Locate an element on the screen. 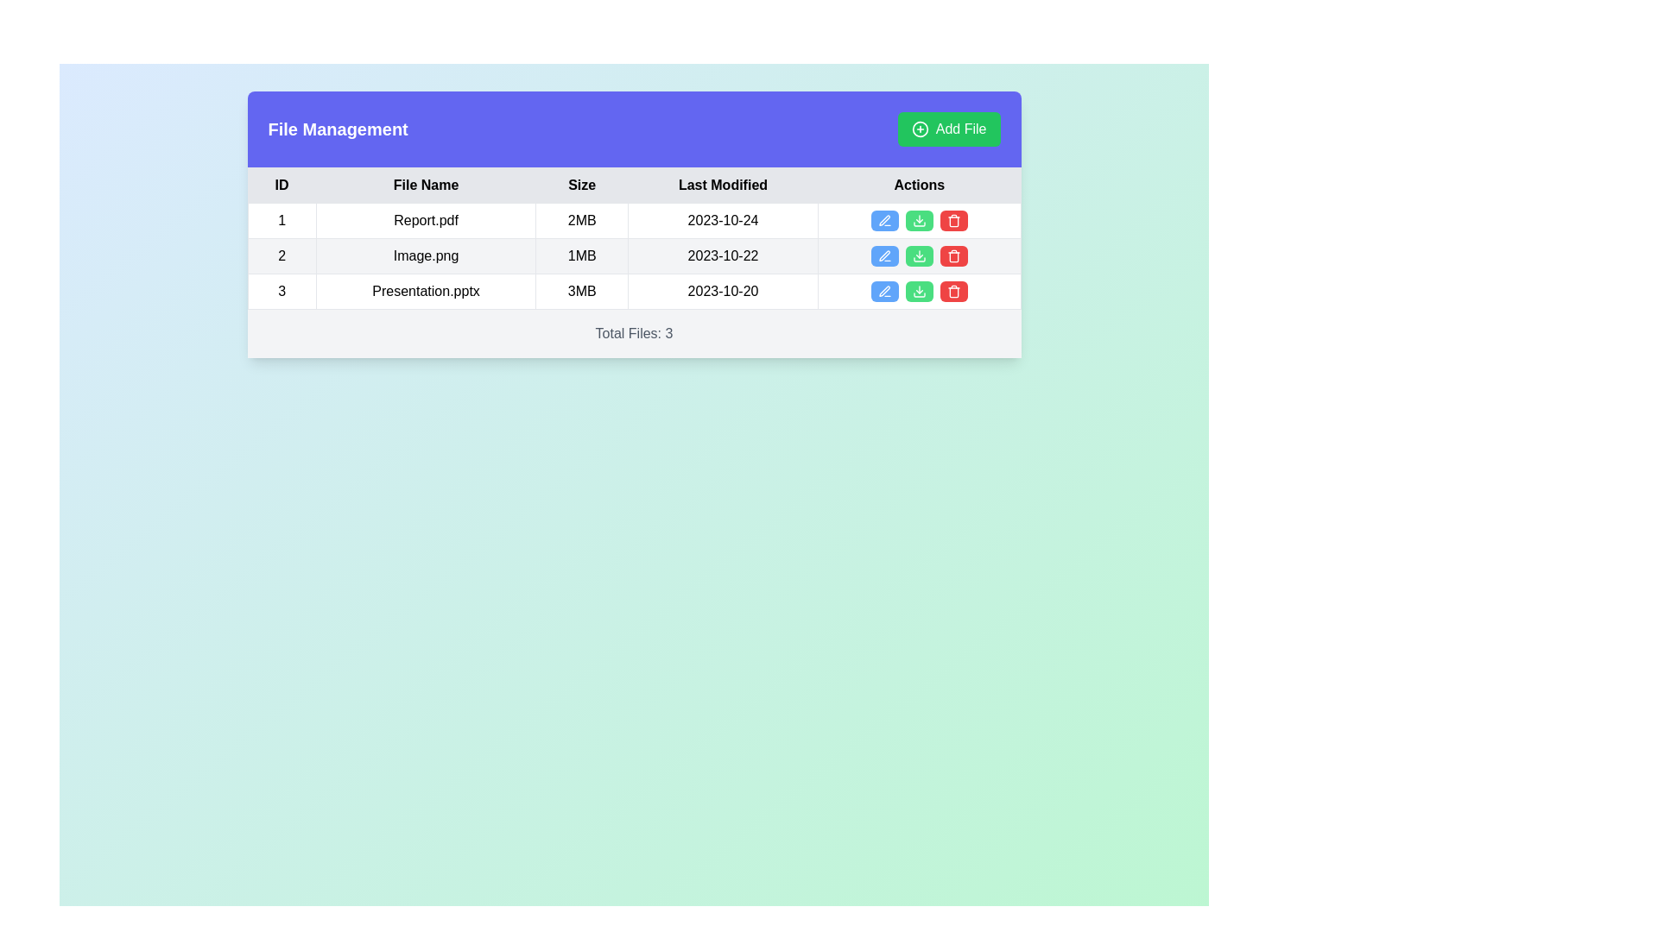 Image resolution: width=1658 pixels, height=932 pixels. the download button in the actions column of the second file entry to change its background color is located at coordinates (918, 256).